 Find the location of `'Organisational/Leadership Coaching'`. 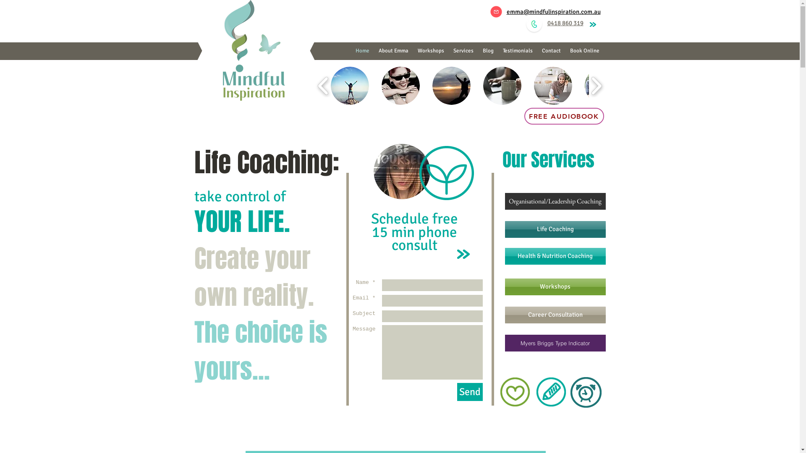

'Organisational/Leadership Coaching' is located at coordinates (555, 201).